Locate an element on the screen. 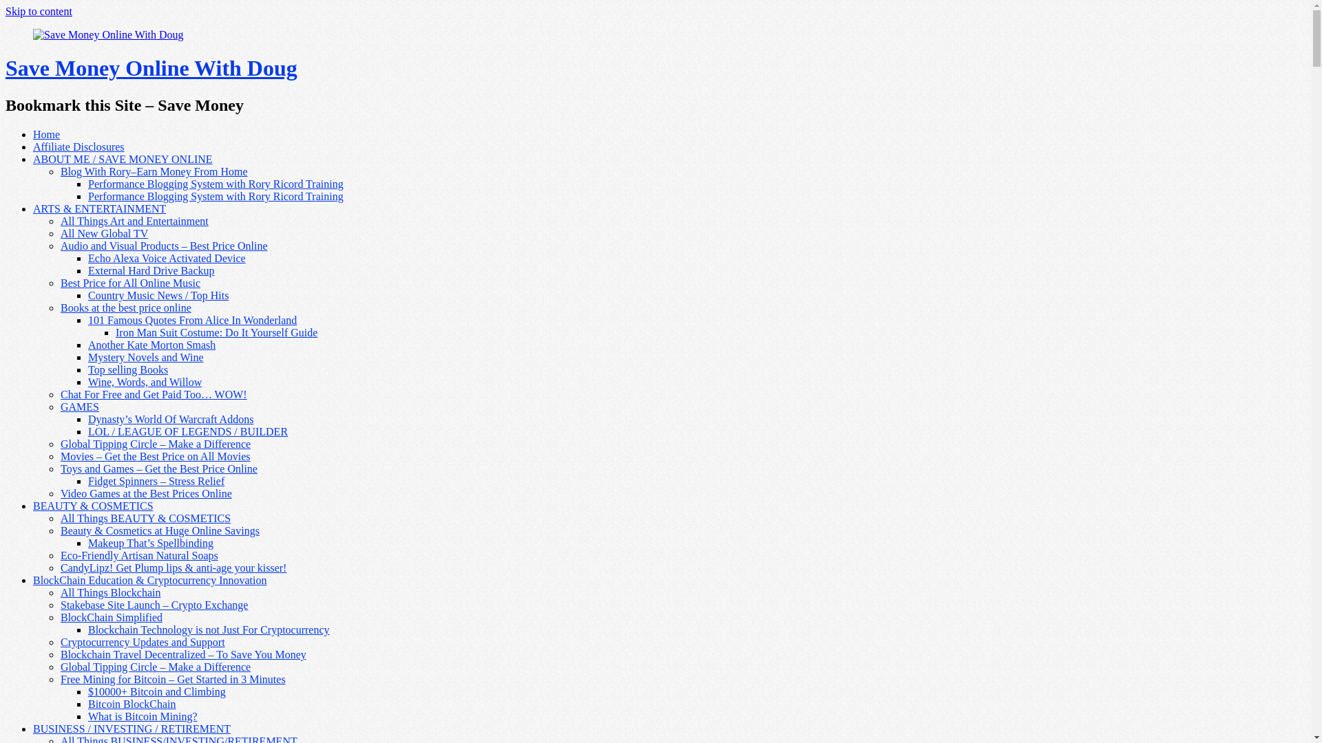 This screenshot has height=743, width=1322. 'CandyLipz! Get Plump lips & anti-age your kisser!' is located at coordinates (173, 568).